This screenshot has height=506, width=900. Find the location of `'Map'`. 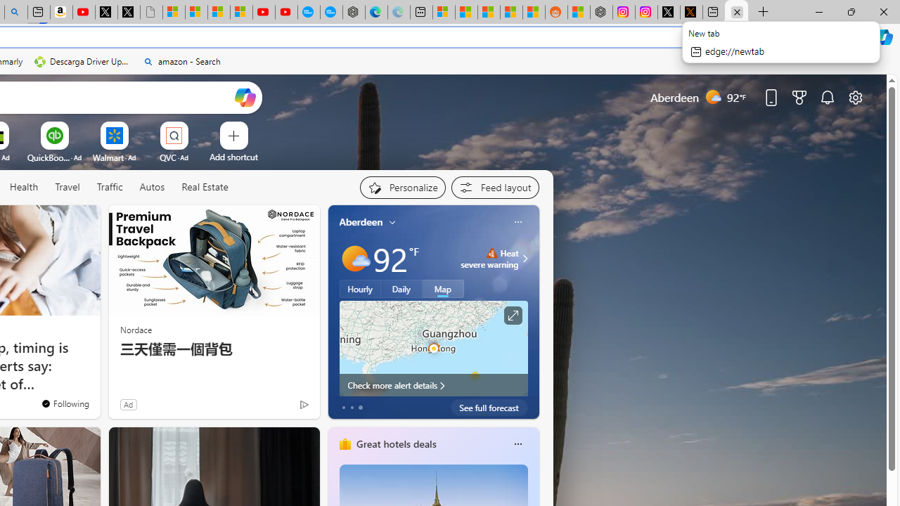

'Map' is located at coordinates (442, 288).